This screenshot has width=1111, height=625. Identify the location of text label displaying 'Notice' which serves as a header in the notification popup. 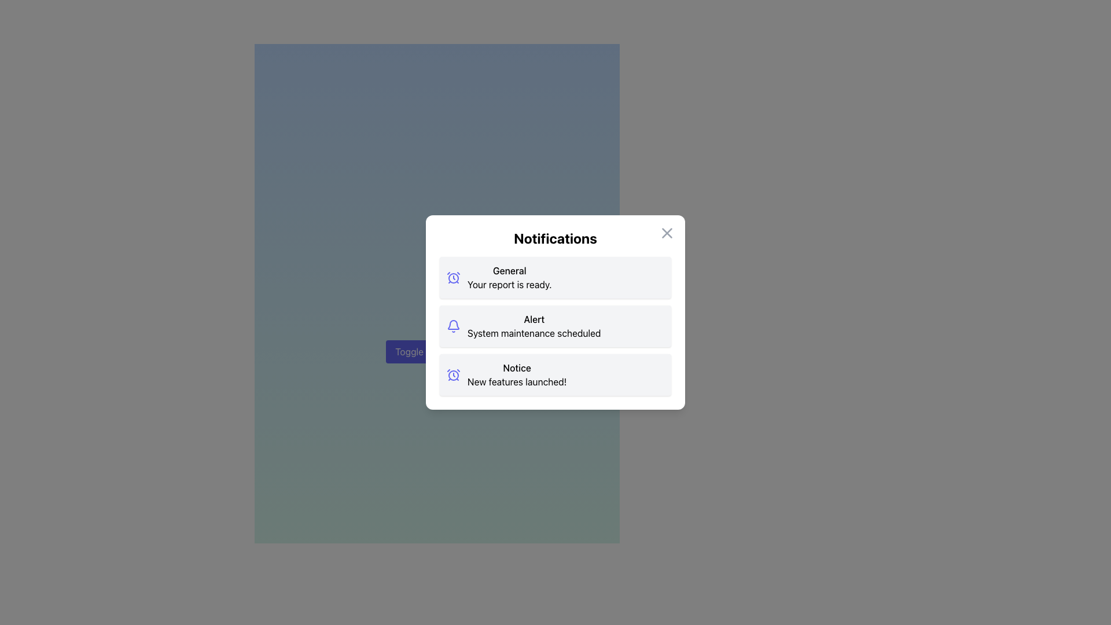
(516, 368).